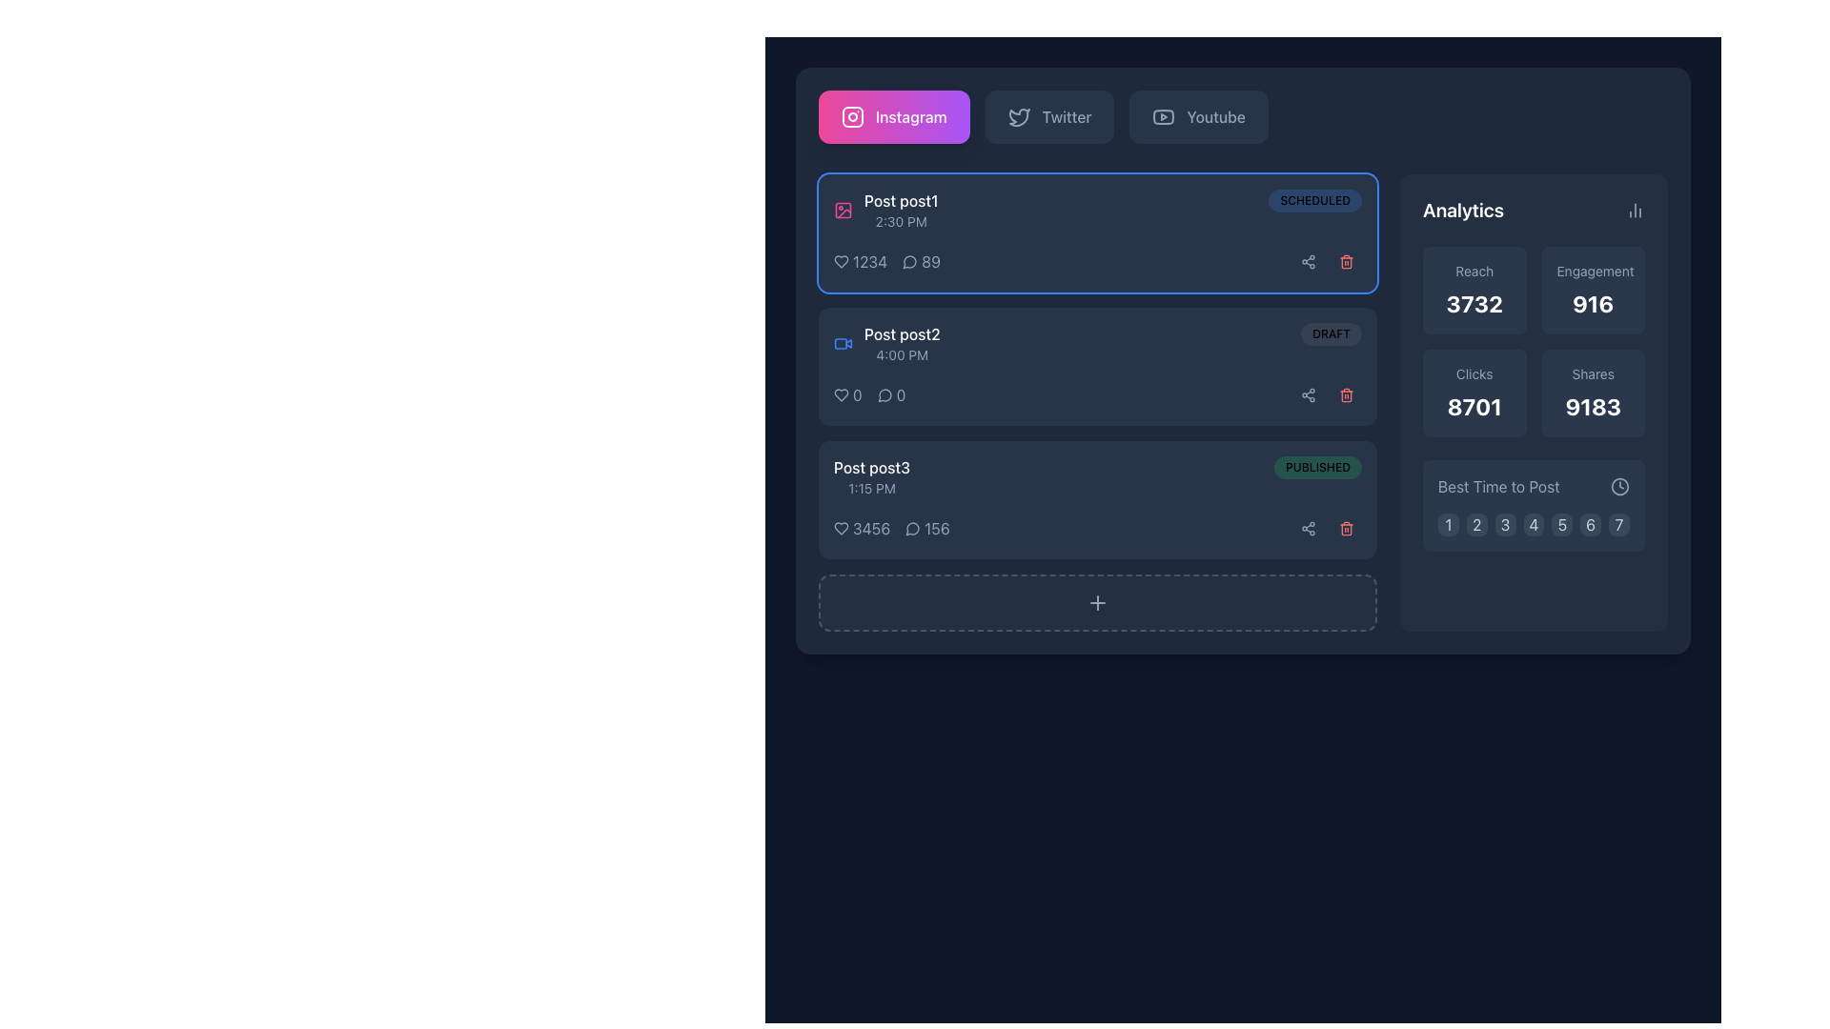 This screenshot has height=1029, width=1830. What do you see at coordinates (1562, 525) in the screenshot?
I see `the fifth button labeled '5' in the 'Best Time to Post' section` at bounding box center [1562, 525].